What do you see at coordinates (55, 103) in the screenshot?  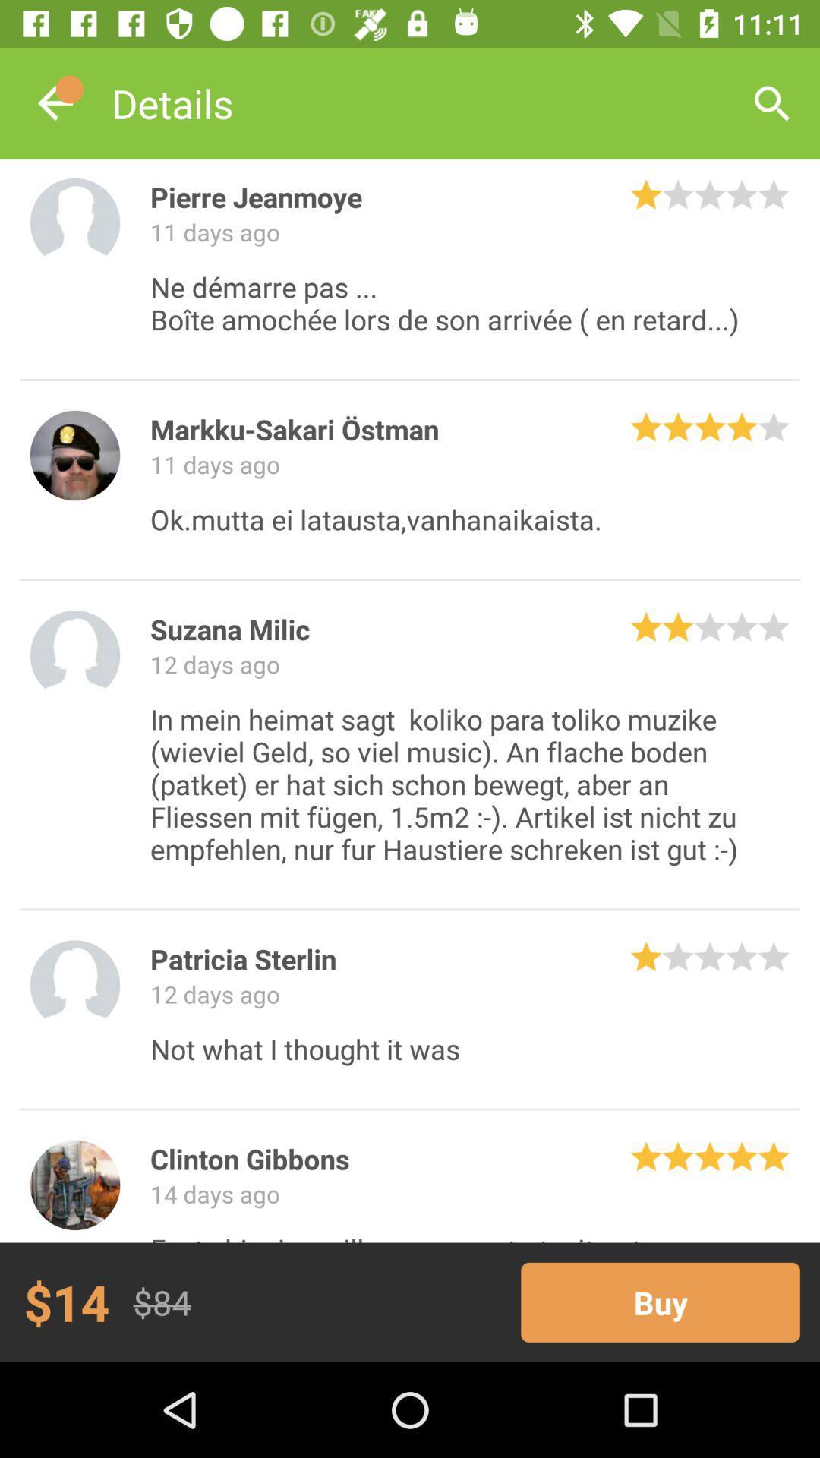 I see `the item to the left of the details icon` at bounding box center [55, 103].